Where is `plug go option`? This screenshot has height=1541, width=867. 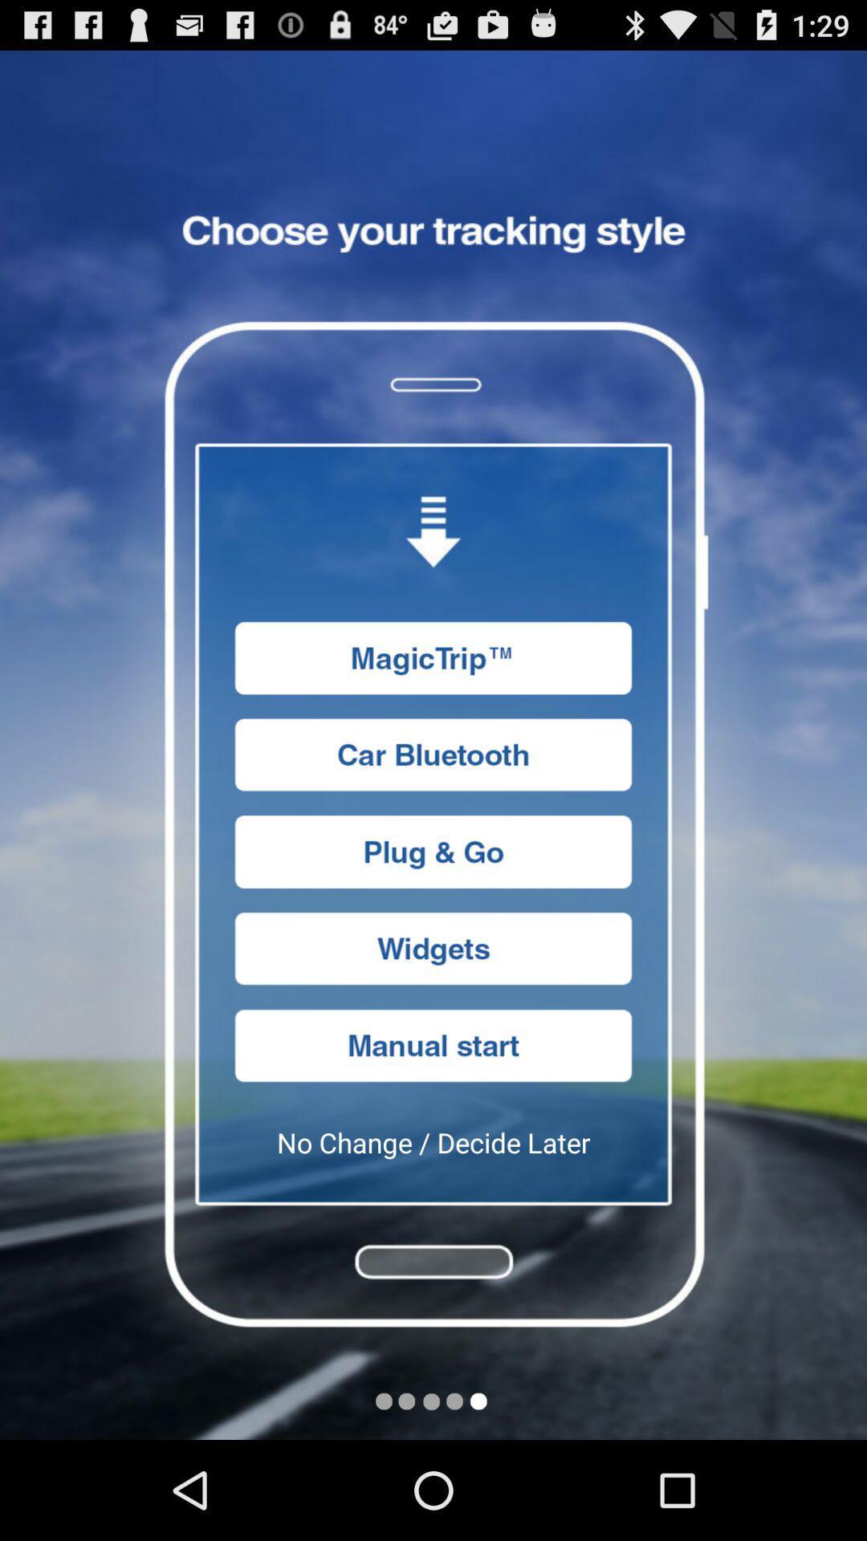
plug go option is located at coordinates (433, 851).